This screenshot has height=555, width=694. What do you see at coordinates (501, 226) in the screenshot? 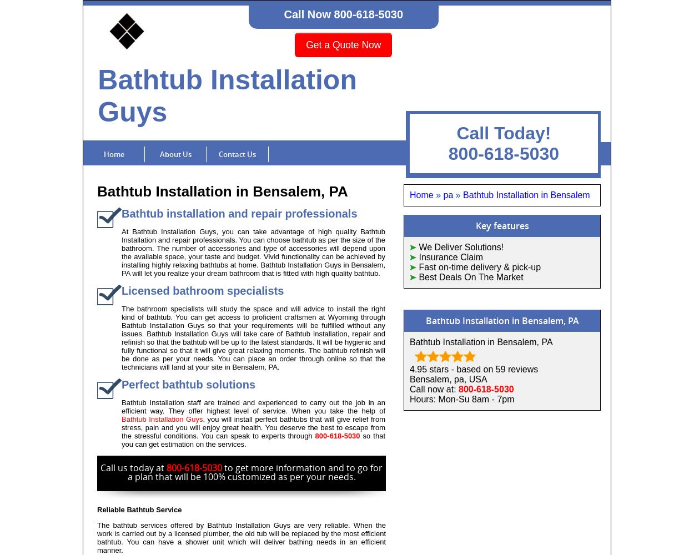
I see `'Key features'` at bounding box center [501, 226].